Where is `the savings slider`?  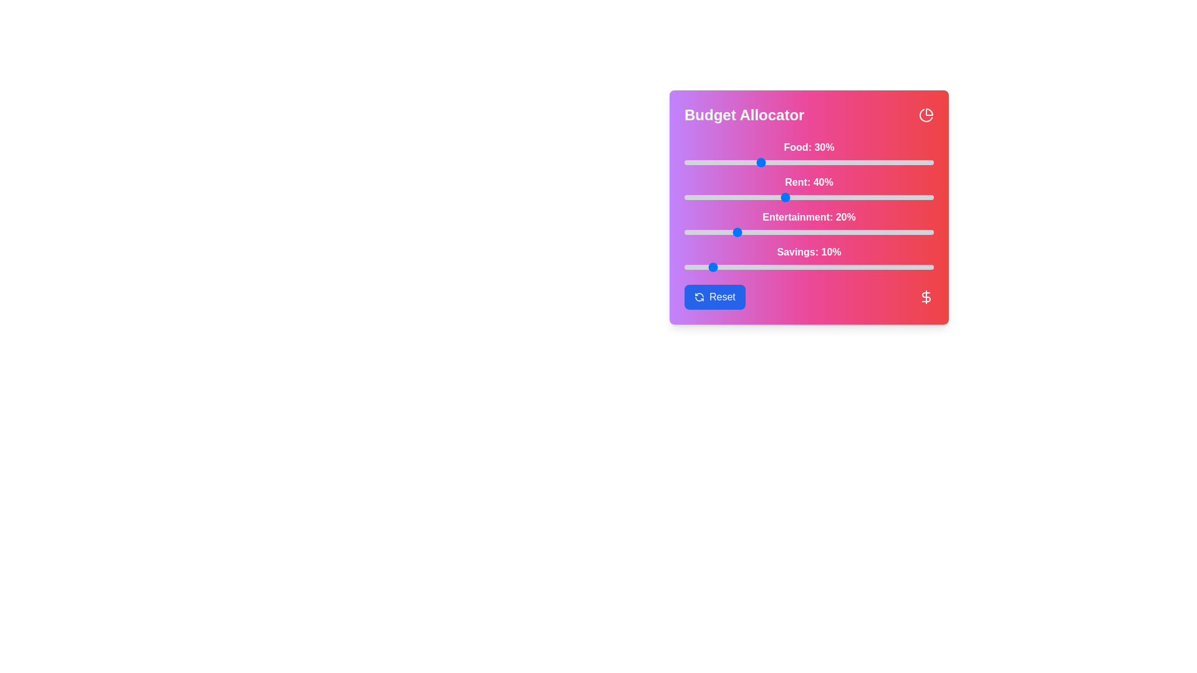
the savings slider is located at coordinates (732, 266).